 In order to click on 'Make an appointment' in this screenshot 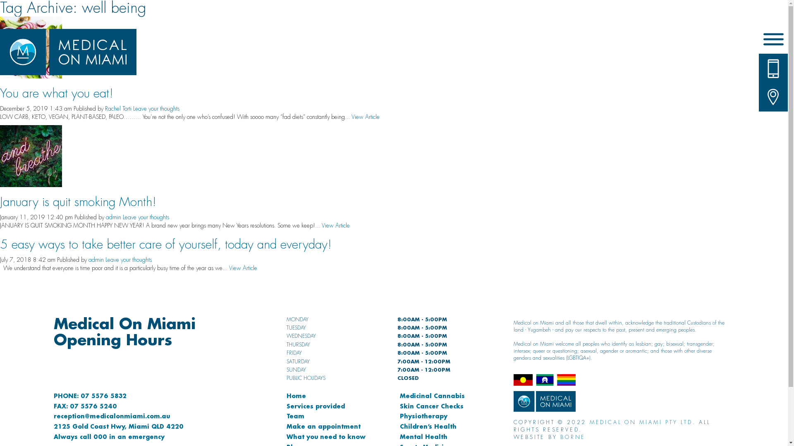, I will do `click(323, 426)`.